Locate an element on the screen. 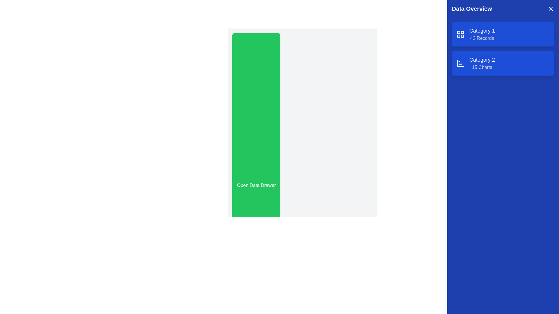 This screenshot has width=559, height=314. the first category item in the drawer list is located at coordinates (482, 34).